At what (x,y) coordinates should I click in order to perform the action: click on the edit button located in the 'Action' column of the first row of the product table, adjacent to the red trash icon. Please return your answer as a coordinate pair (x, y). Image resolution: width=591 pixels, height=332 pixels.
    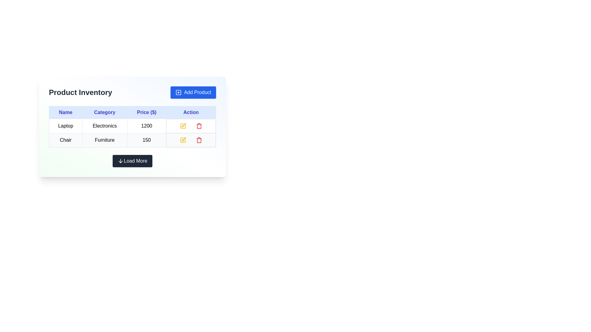
    Looking at the image, I should click on (183, 125).